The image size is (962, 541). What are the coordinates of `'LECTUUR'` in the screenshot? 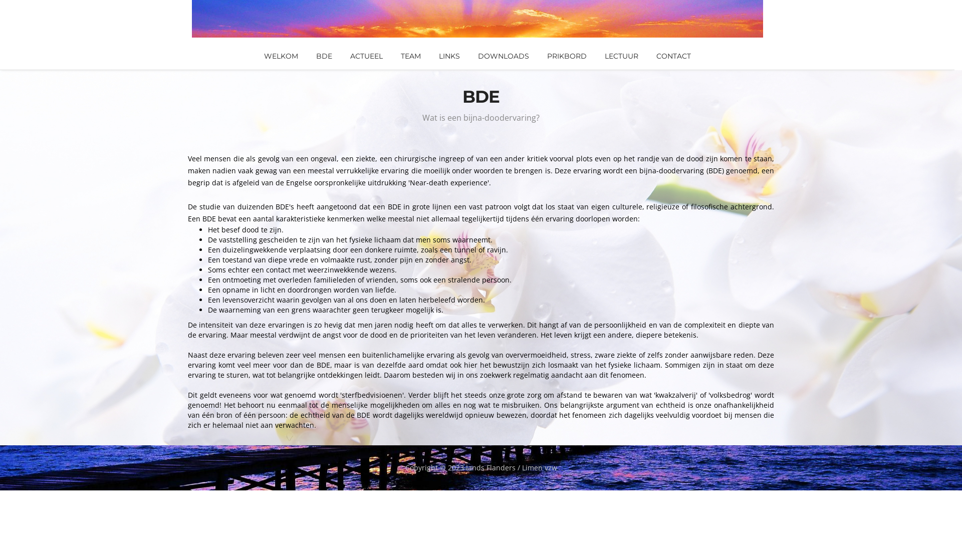 It's located at (620, 56).